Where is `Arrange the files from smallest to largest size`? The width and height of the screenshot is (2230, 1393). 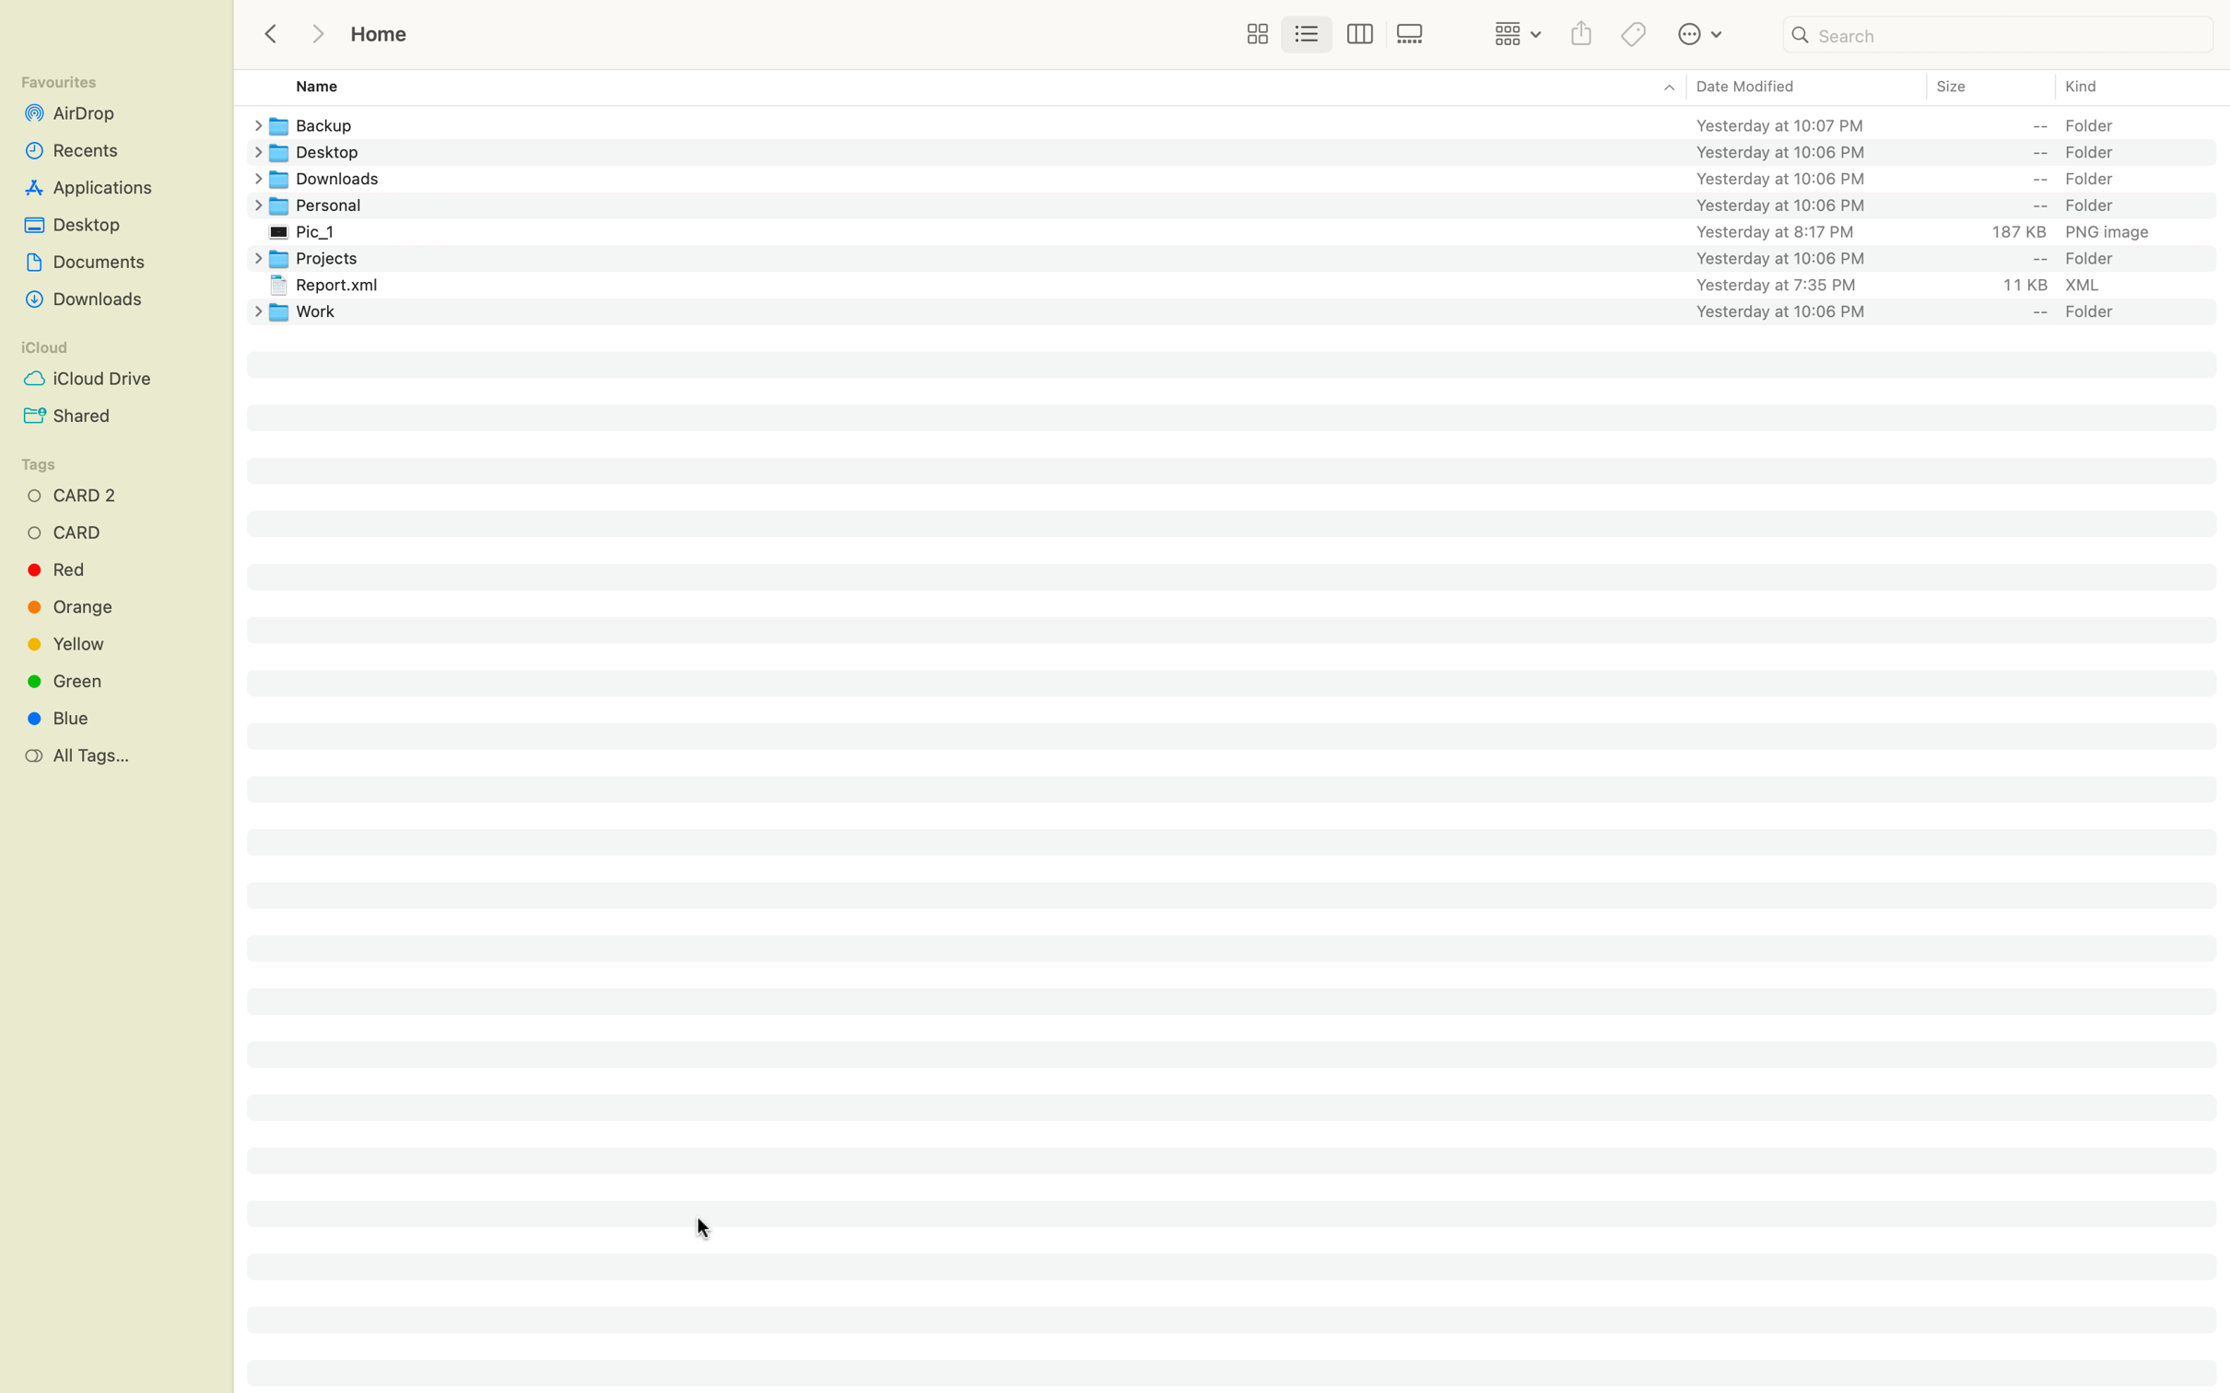 Arrange the files from smallest to largest size is located at coordinates (1989, 88).